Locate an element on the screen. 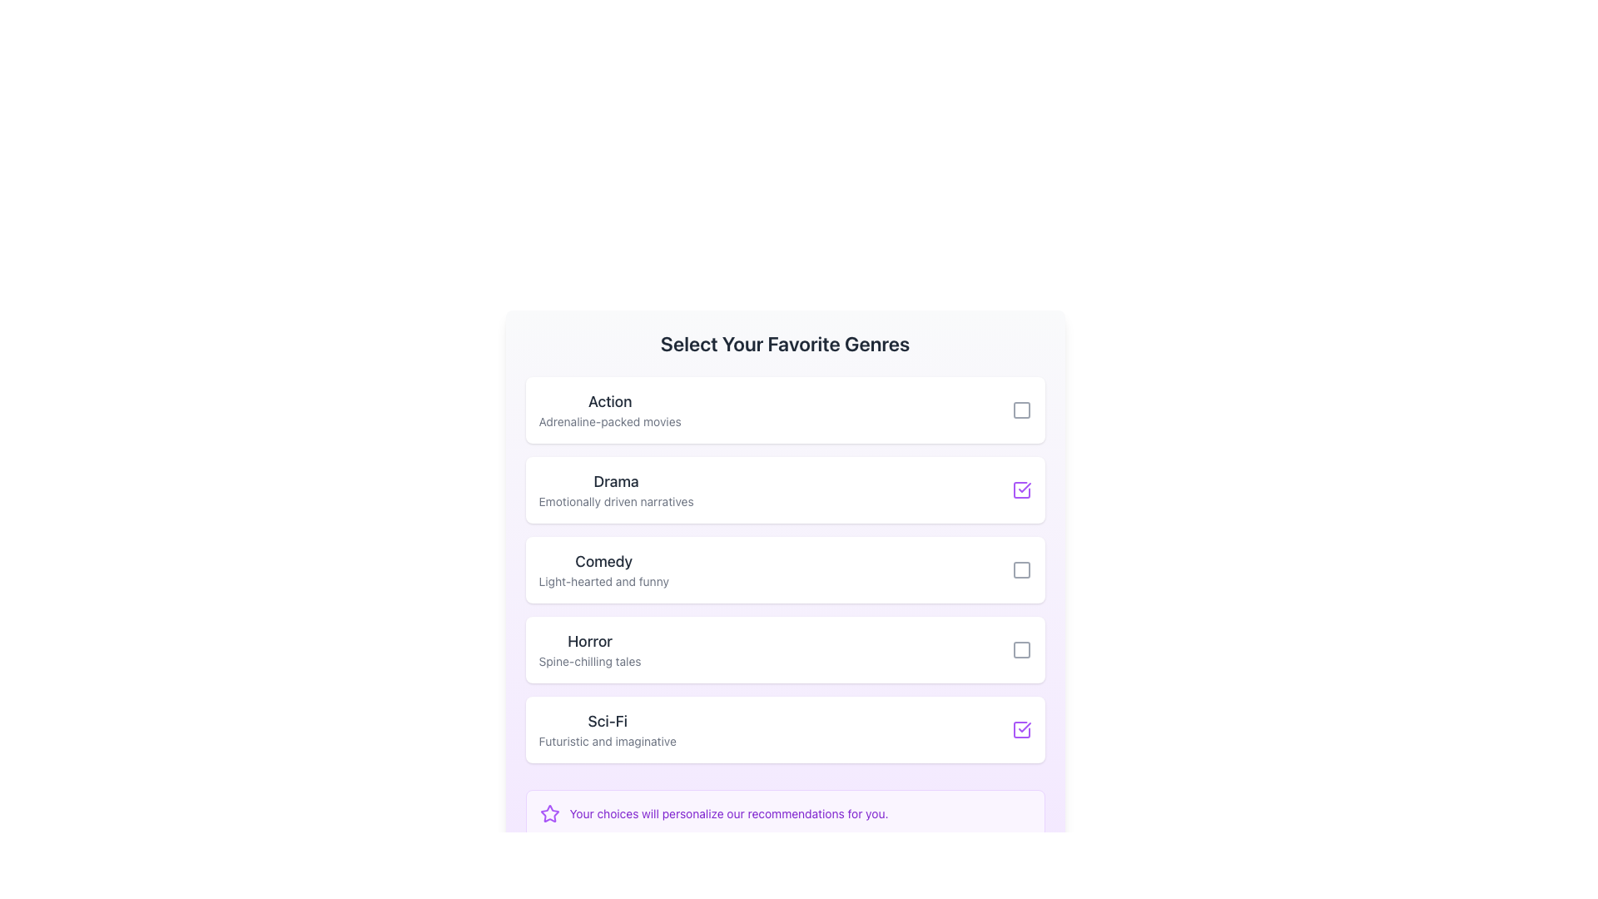  the checkbox for the 'Horror' category is located at coordinates (784, 648).